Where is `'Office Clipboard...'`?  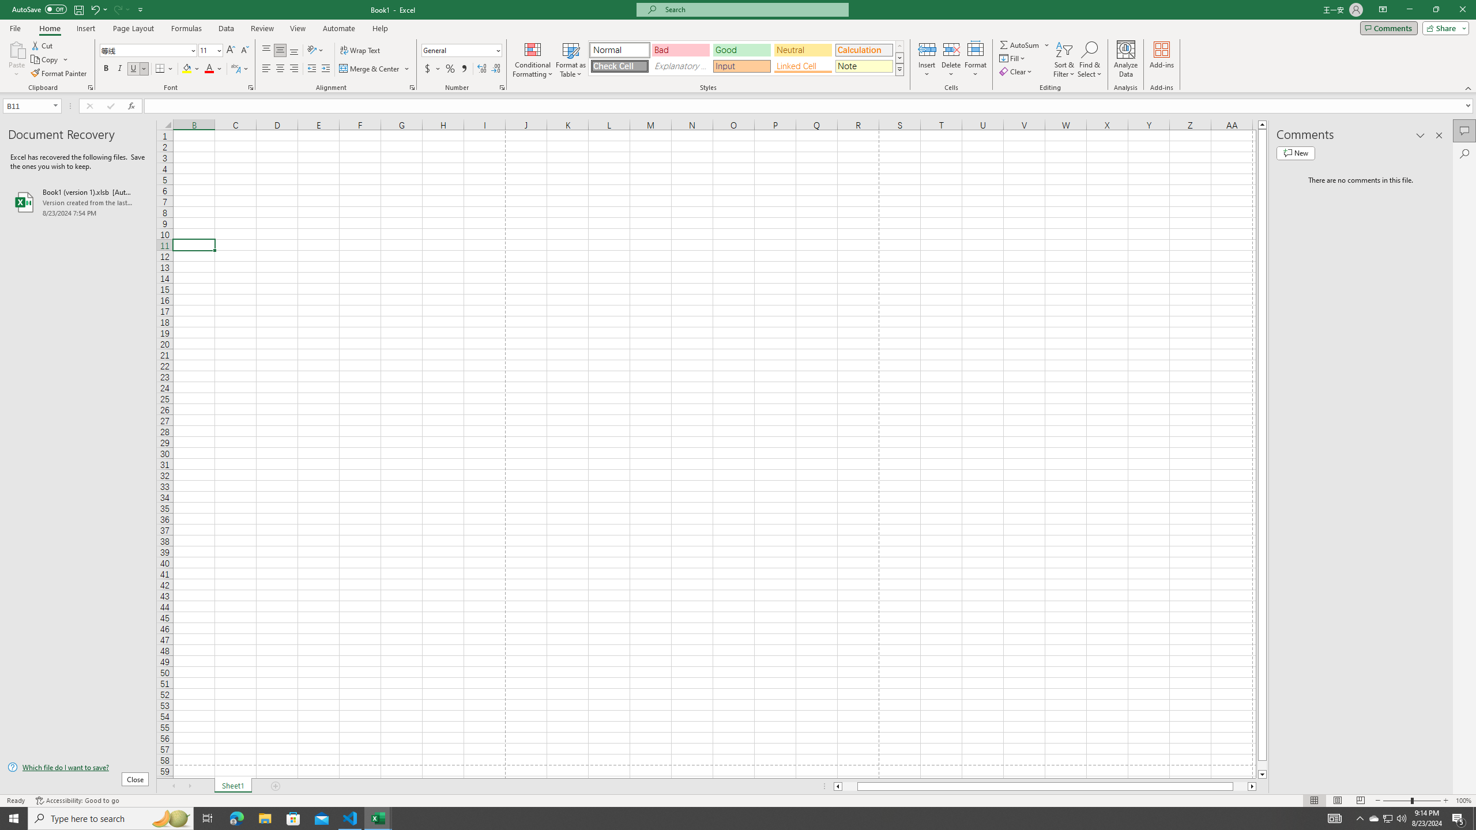 'Office Clipboard...' is located at coordinates (89, 86).